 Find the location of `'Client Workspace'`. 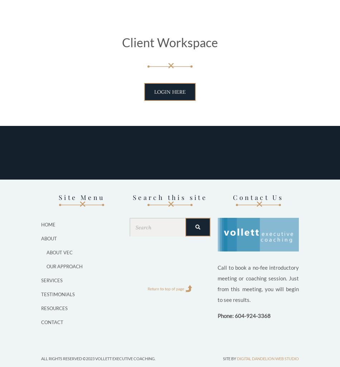

'Client Workspace' is located at coordinates (121, 42).